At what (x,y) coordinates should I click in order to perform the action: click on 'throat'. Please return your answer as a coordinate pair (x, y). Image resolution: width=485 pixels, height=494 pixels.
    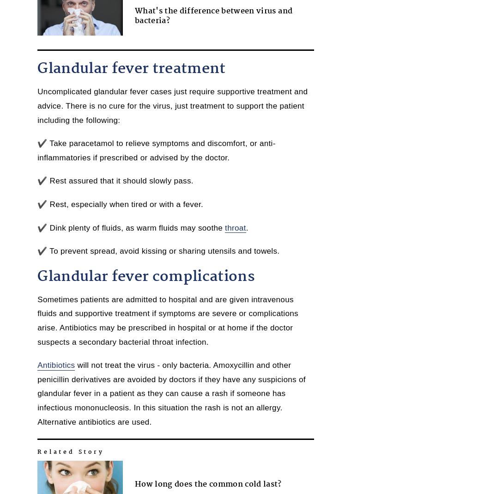
    Looking at the image, I should click on (235, 227).